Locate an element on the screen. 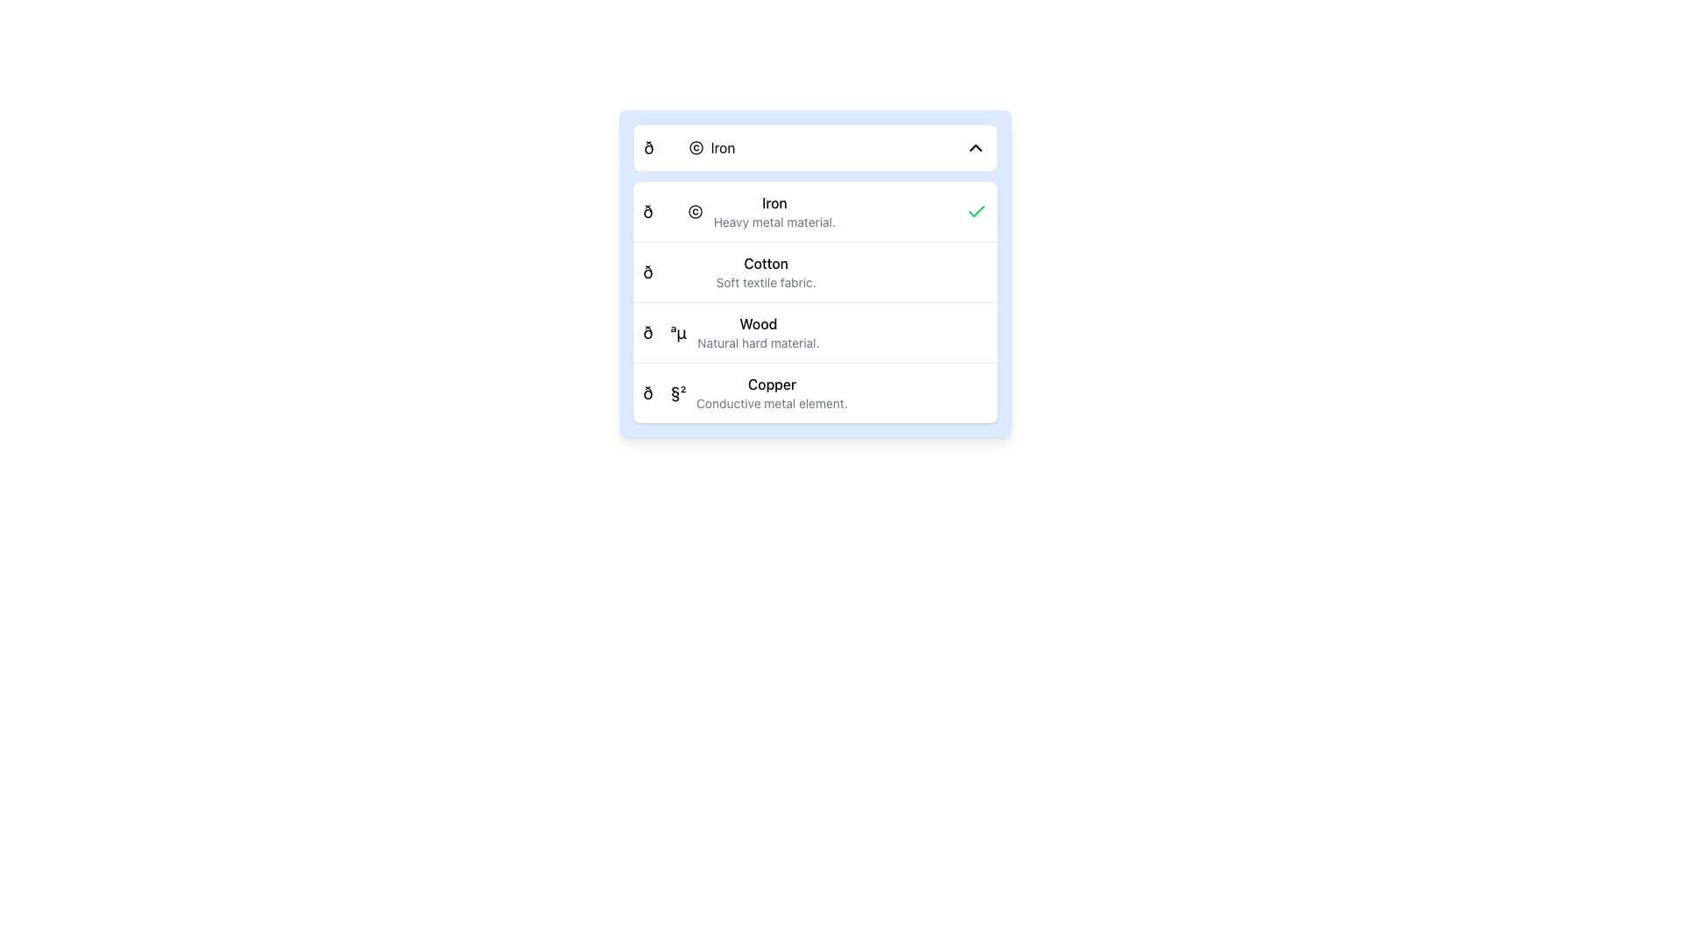 Image resolution: width=1682 pixels, height=946 pixels. the 'Cotton' label in the material selection list is located at coordinates (766, 263).